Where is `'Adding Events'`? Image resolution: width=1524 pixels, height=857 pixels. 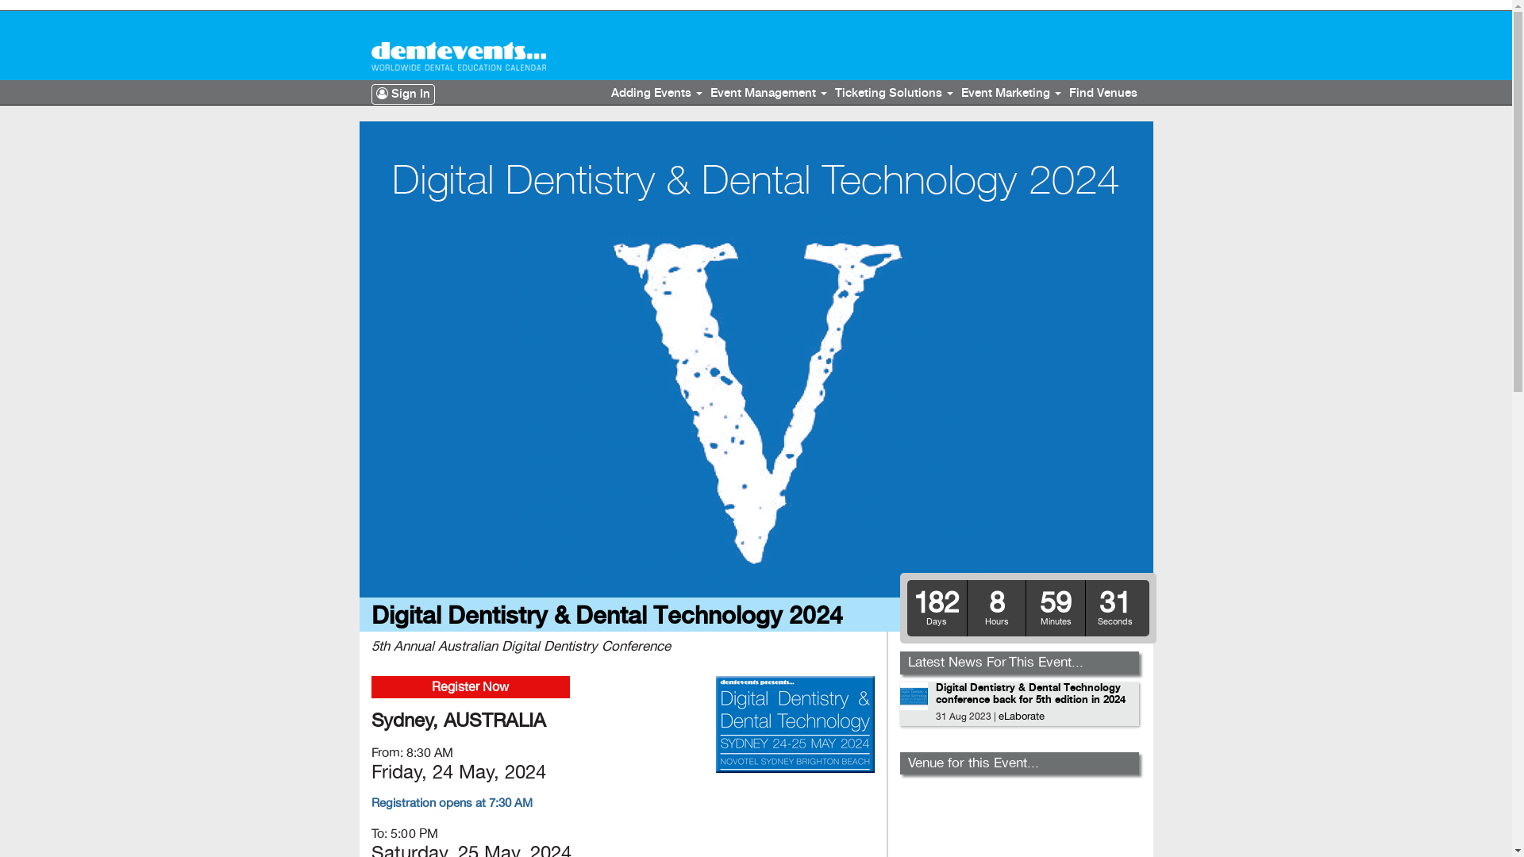 'Adding Events' is located at coordinates (656, 94).